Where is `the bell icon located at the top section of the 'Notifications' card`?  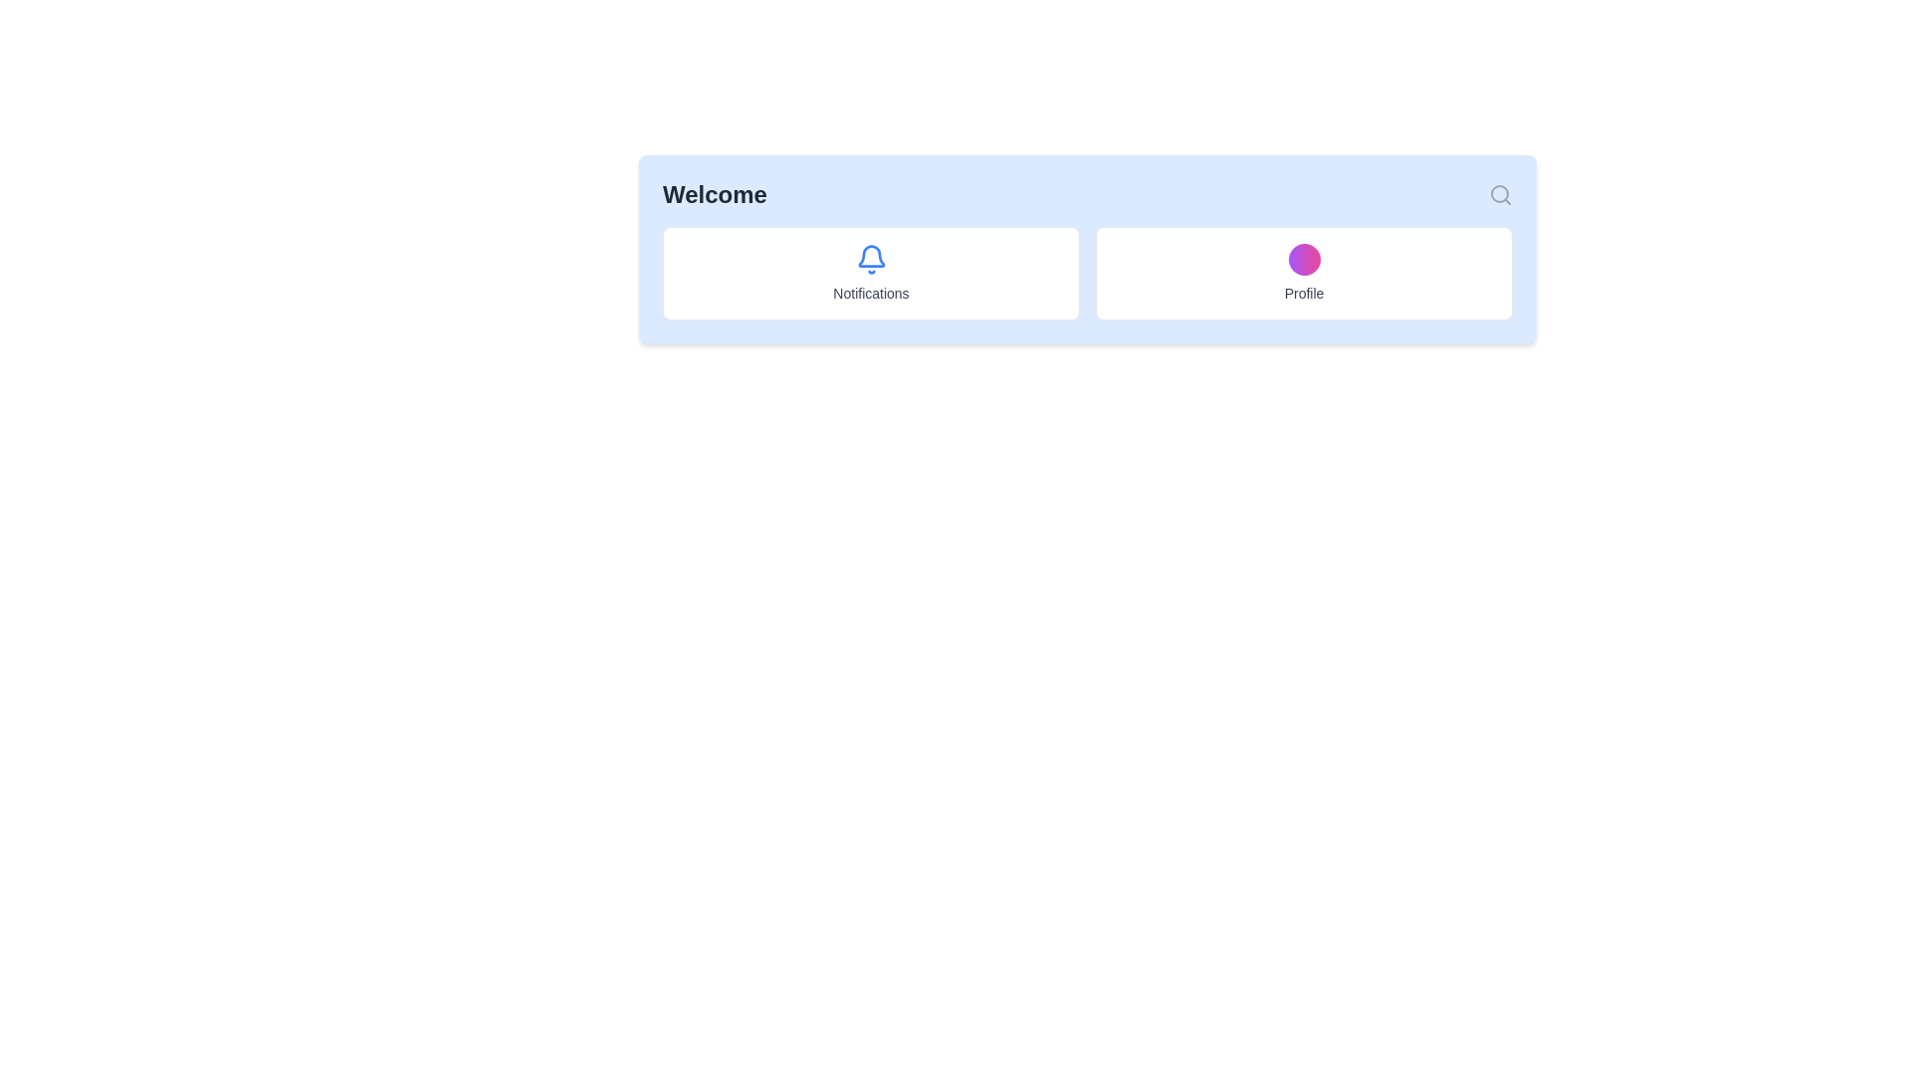
the bell icon located at the top section of the 'Notifications' card is located at coordinates (871, 259).